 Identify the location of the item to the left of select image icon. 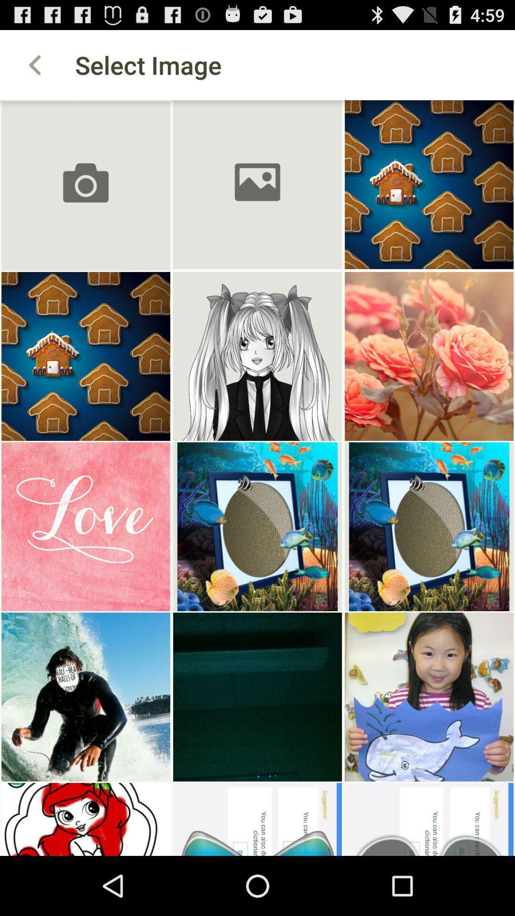
(34, 64).